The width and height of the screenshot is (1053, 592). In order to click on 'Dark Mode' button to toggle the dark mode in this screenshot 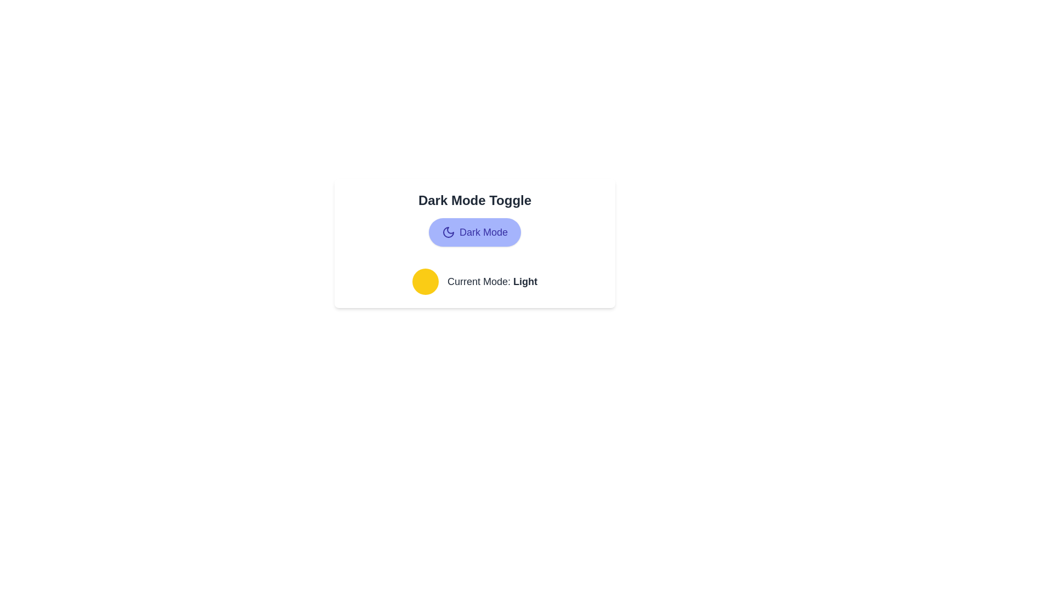, I will do `click(474, 232)`.